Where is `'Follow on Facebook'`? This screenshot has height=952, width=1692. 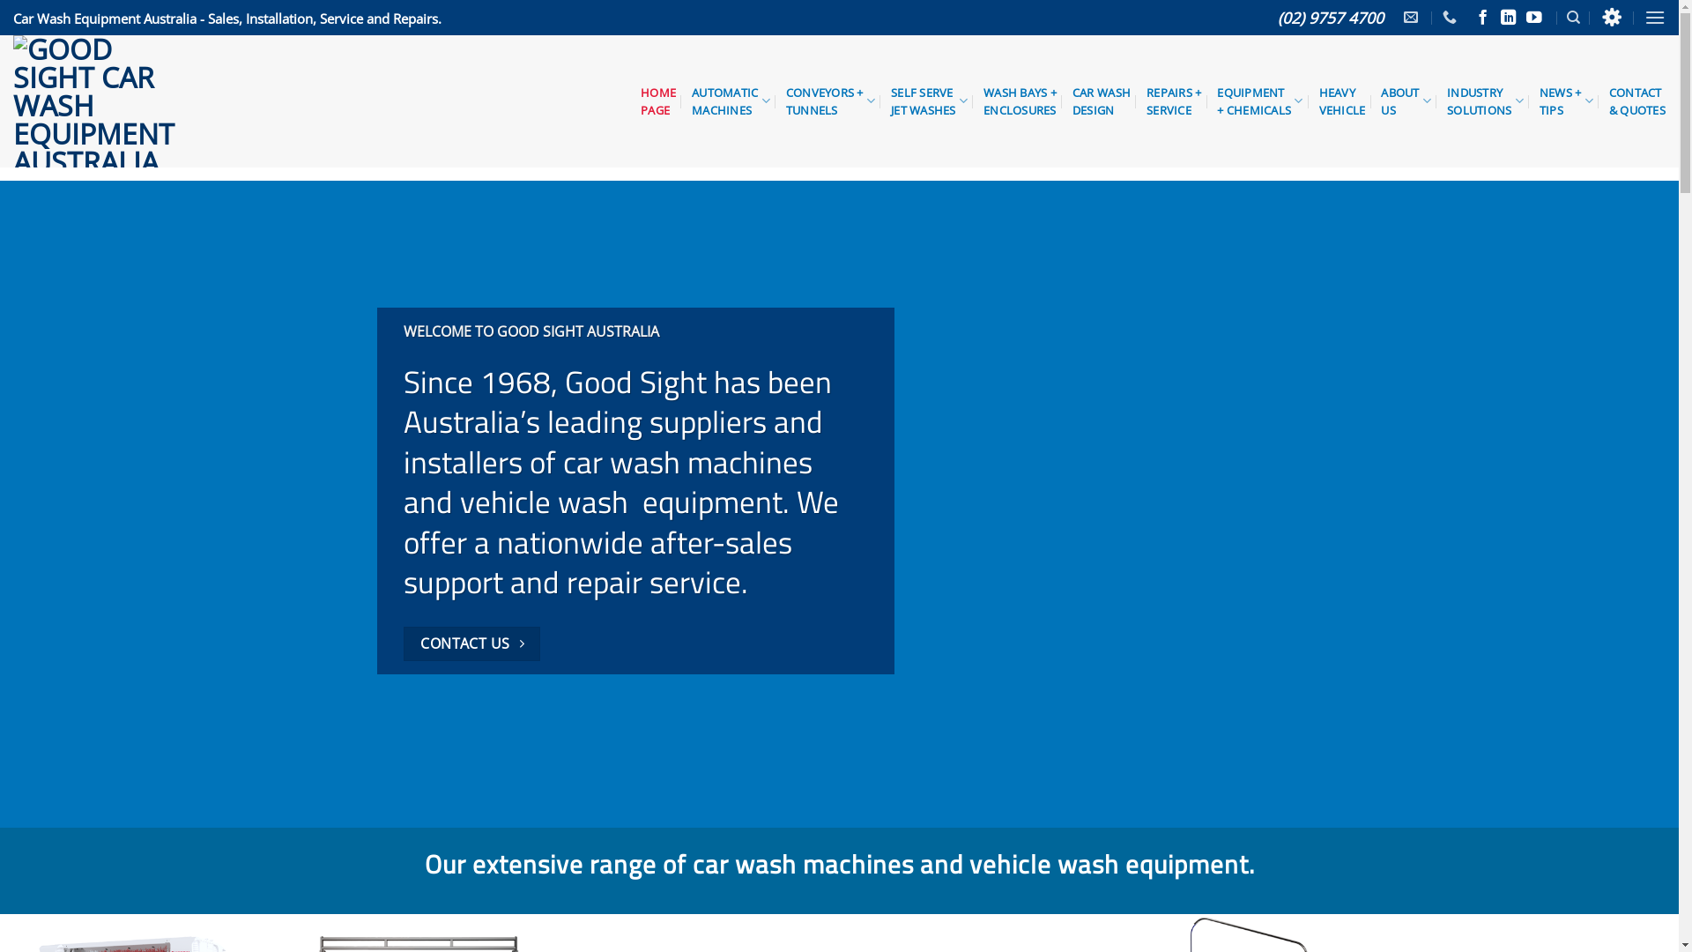
'Follow on Facebook' is located at coordinates (1482, 18).